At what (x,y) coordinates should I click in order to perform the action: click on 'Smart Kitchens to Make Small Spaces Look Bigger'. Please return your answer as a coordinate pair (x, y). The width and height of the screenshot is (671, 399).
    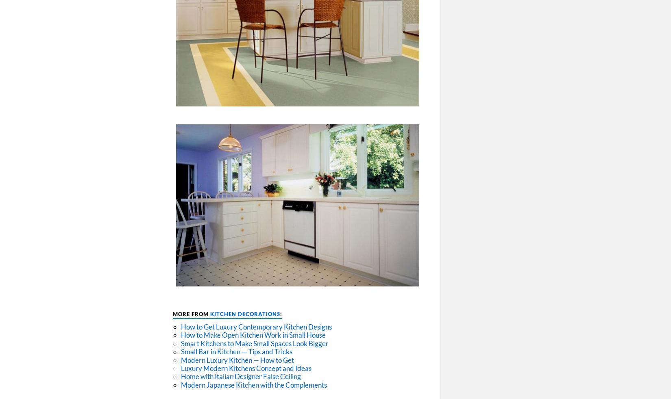
    Looking at the image, I should click on (254, 343).